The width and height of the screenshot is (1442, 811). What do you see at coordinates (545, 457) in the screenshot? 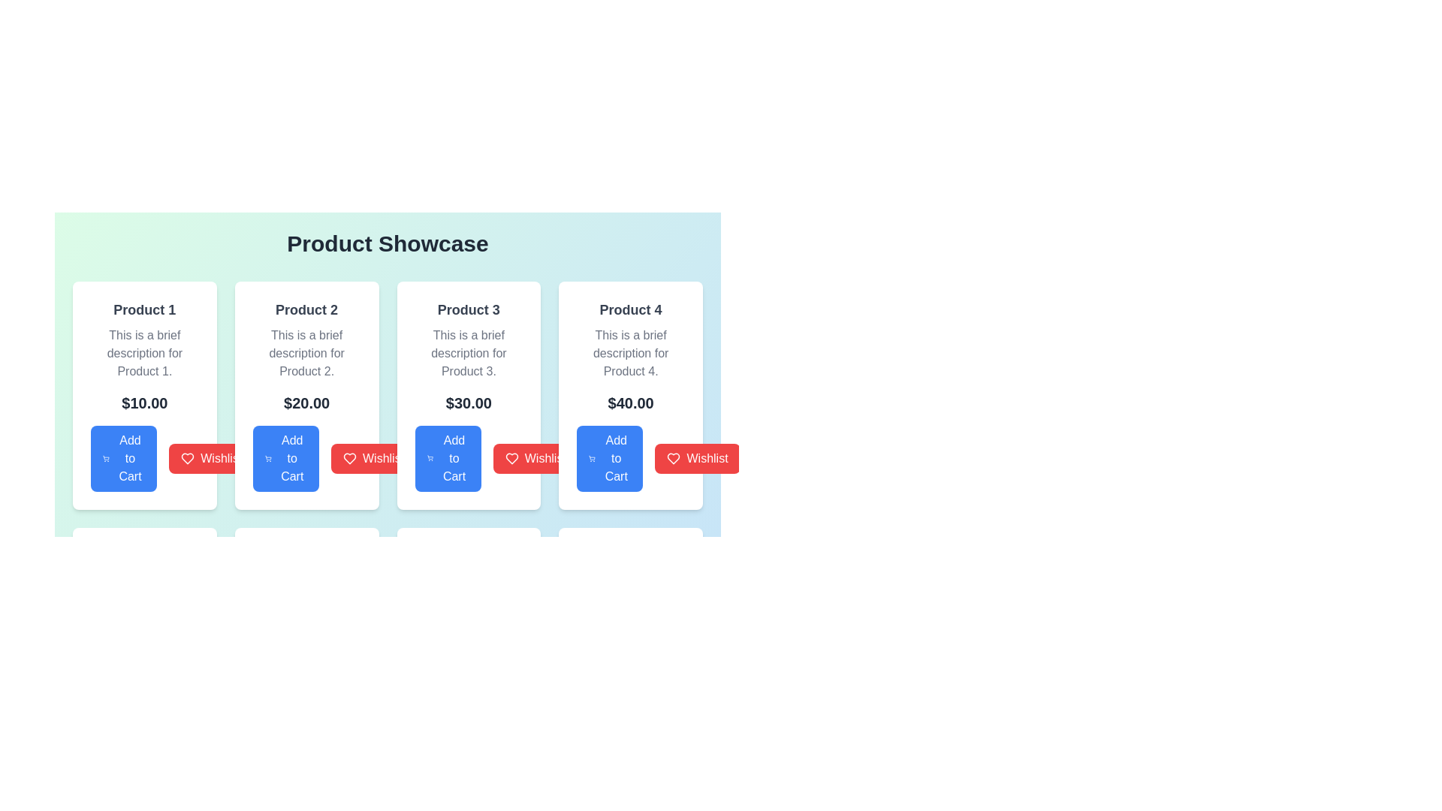
I see `the text label within the button indicating the action of adding the item to a wishlist for Product 3` at bounding box center [545, 457].